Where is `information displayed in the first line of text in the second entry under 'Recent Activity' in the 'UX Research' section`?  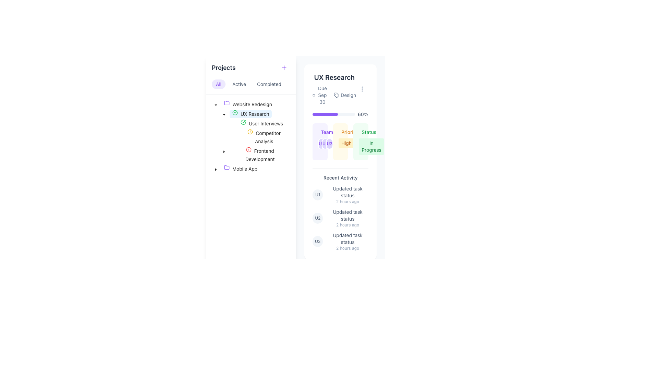 information displayed in the first line of text in the second entry under 'Recent Activity' in the 'UX Research' section is located at coordinates (348, 215).